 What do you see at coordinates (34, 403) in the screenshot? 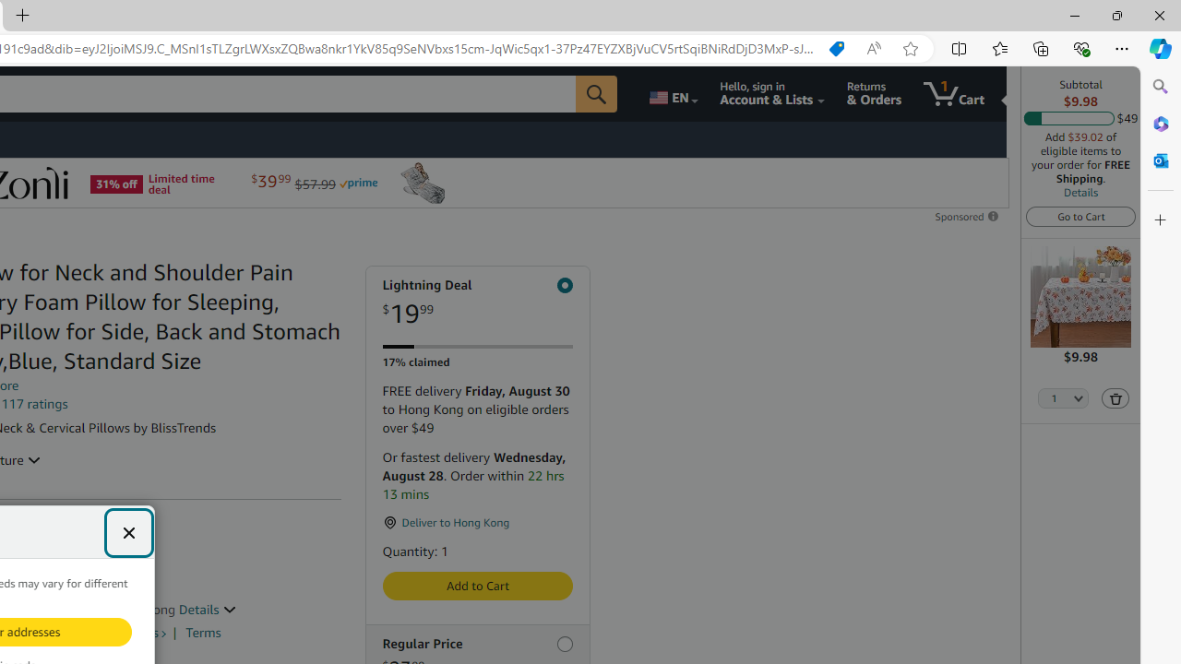
I see `'117 ratings'` at bounding box center [34, 403].